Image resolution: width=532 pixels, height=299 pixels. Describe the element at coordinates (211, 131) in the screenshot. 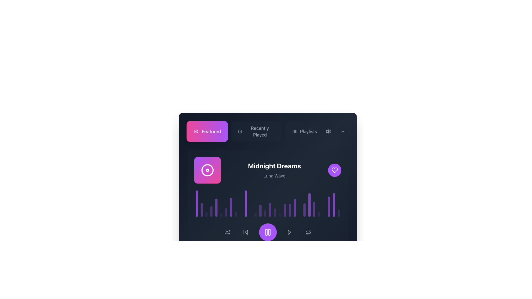

I see `the 'Featured' text label which is centered within a prominent rectangular button with a gradient color scheme from pink to purple, located at the top-left corner of the main interface` at that location.